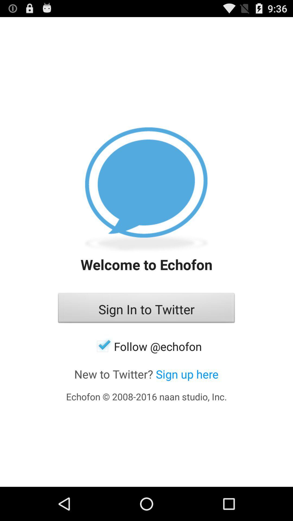  What do you see at coordinates (146, 346) in the screenshot?
I see `the button below sign in to` at bounding box center [146, 346].